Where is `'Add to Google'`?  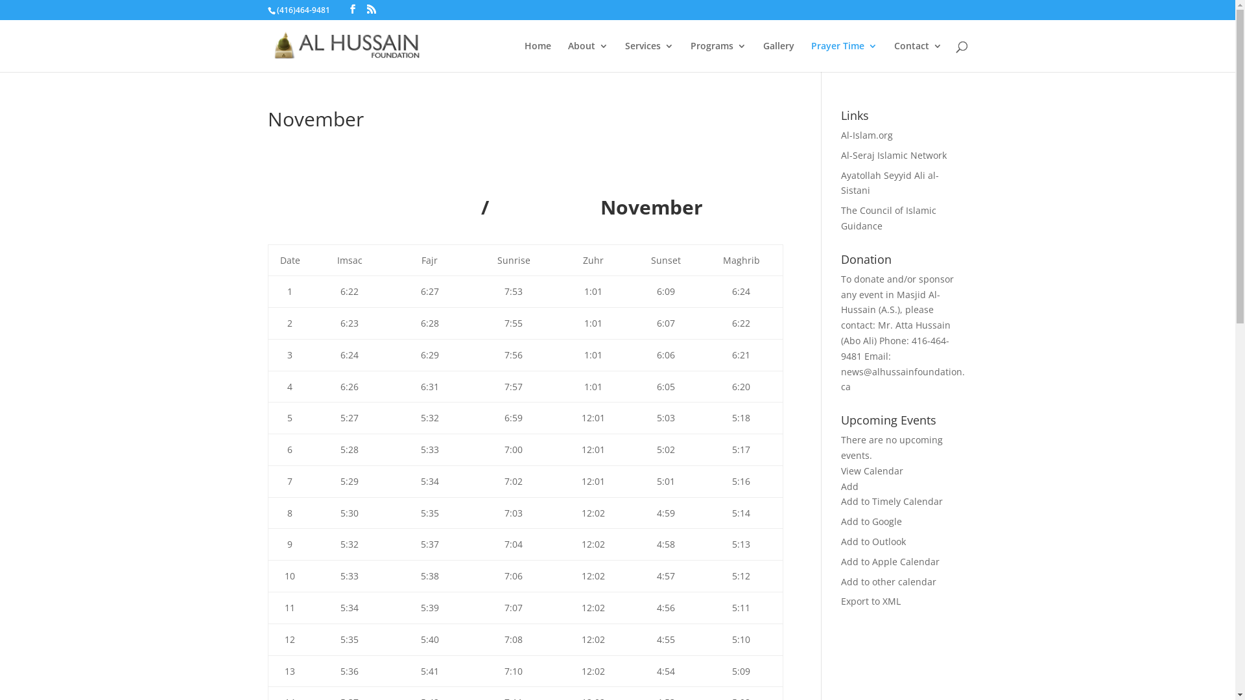
'Add to Google' is located at coordinates (871, 520).